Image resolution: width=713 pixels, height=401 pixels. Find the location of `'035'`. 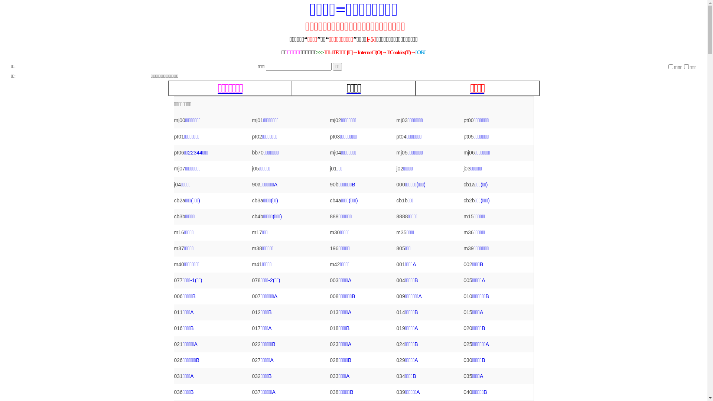

'035' is located at coordinates (467, 376).